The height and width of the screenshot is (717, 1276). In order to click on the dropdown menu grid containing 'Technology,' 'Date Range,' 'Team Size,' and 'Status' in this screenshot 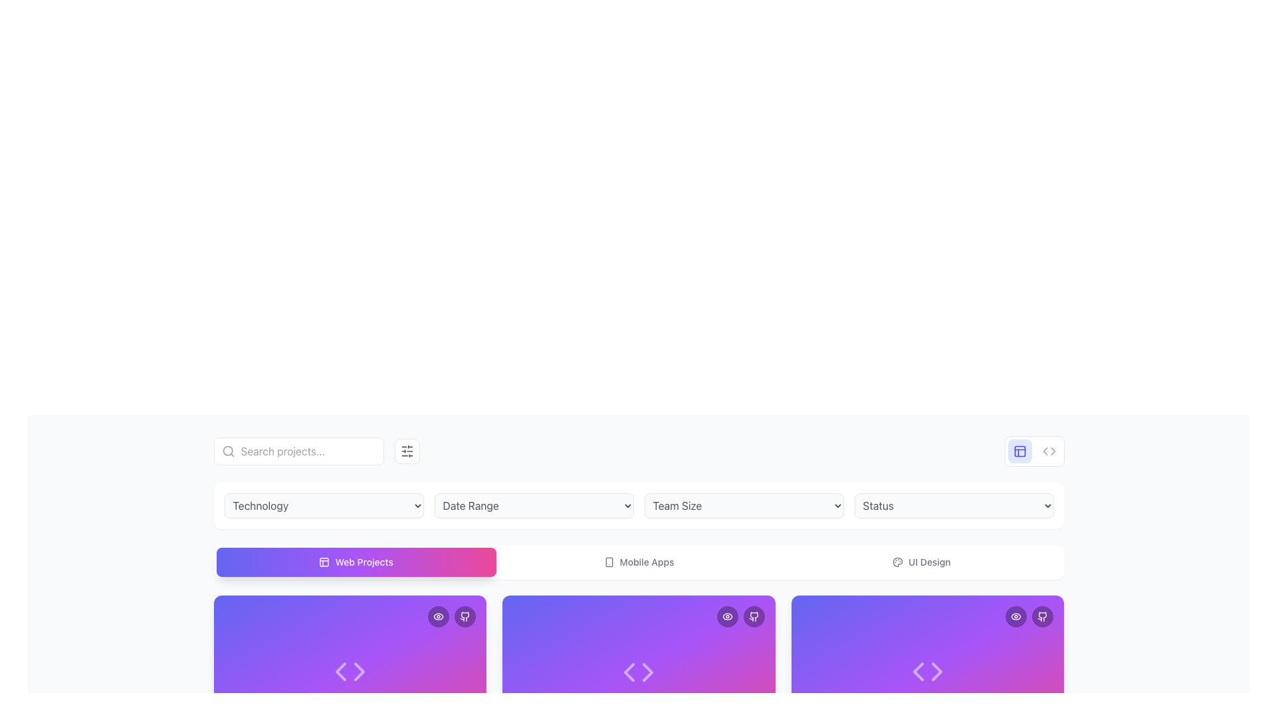, I will do `click(639, 506)`.